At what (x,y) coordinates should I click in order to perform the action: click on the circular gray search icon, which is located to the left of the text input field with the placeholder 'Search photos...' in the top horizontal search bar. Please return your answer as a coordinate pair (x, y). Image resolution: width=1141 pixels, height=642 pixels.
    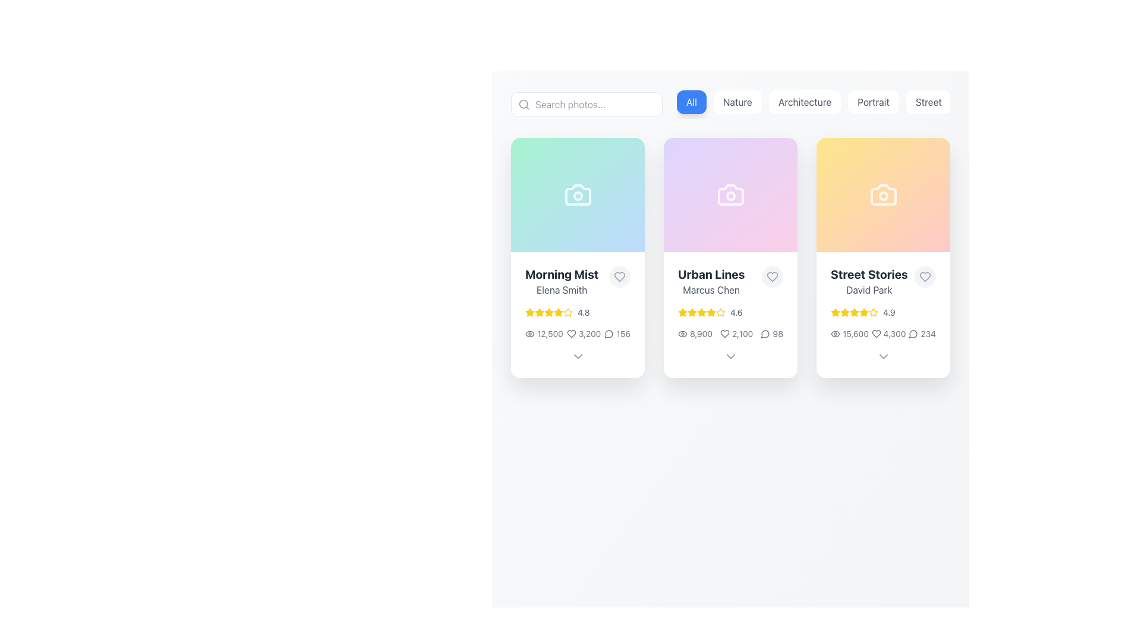
    Looking at the image, I should click on (524, 104).